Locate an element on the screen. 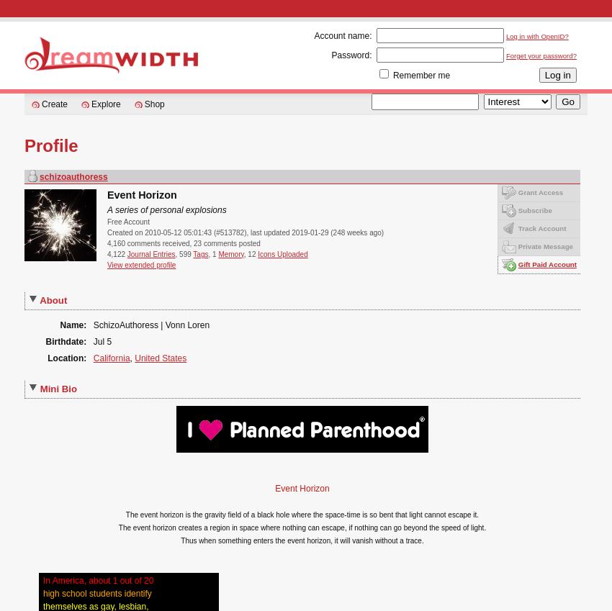 This screenshot has width=612, height=611. 'Remember me' is located at coordinates (392, 75).